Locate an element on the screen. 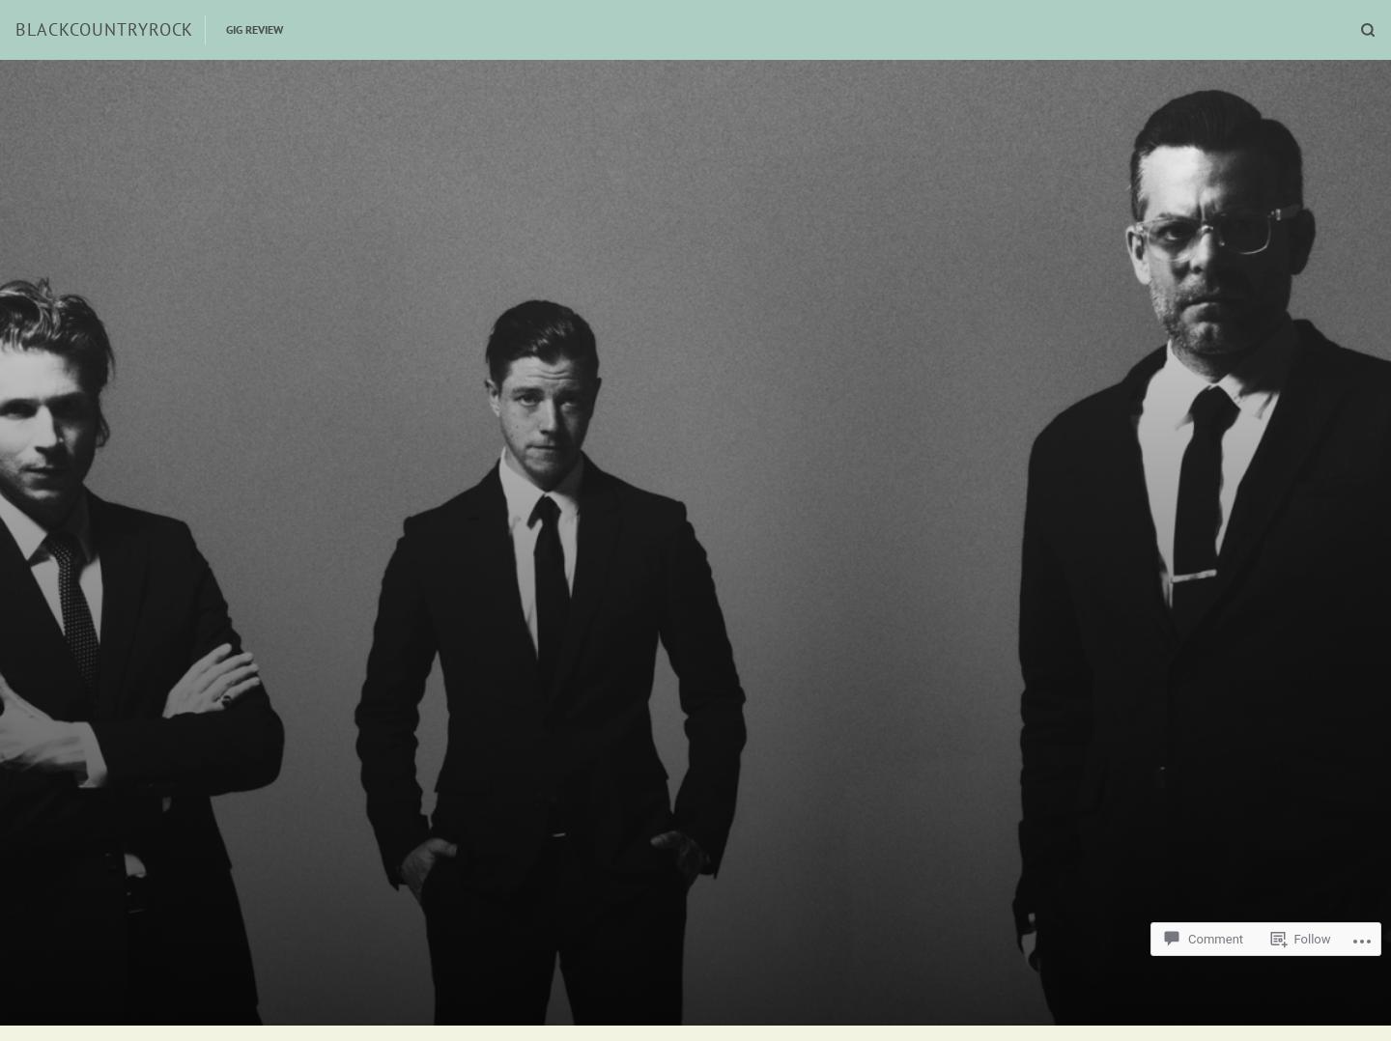  'Search powered by Jetpack' is located at coordinates (707, 898).